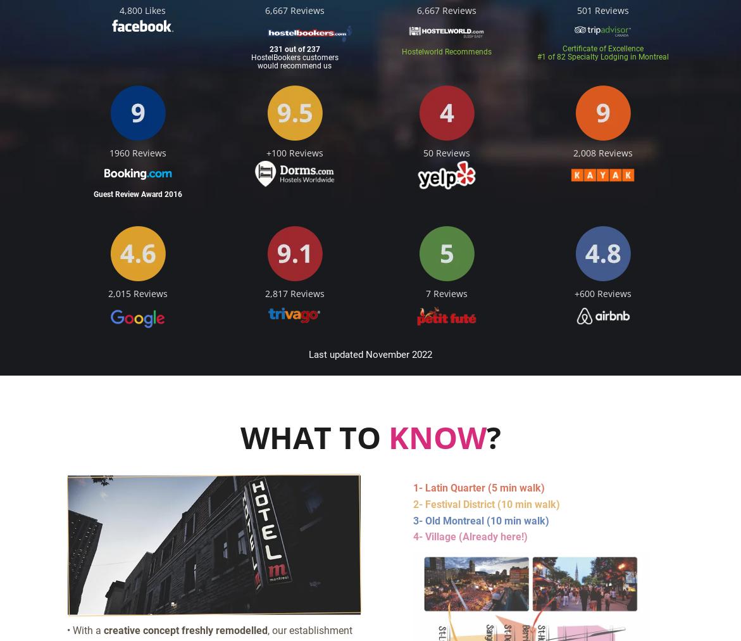  What do you see at coordinates (268, 48) in the screenshot?
I see `'231 out of 237'` at bounding box center [268, 48].